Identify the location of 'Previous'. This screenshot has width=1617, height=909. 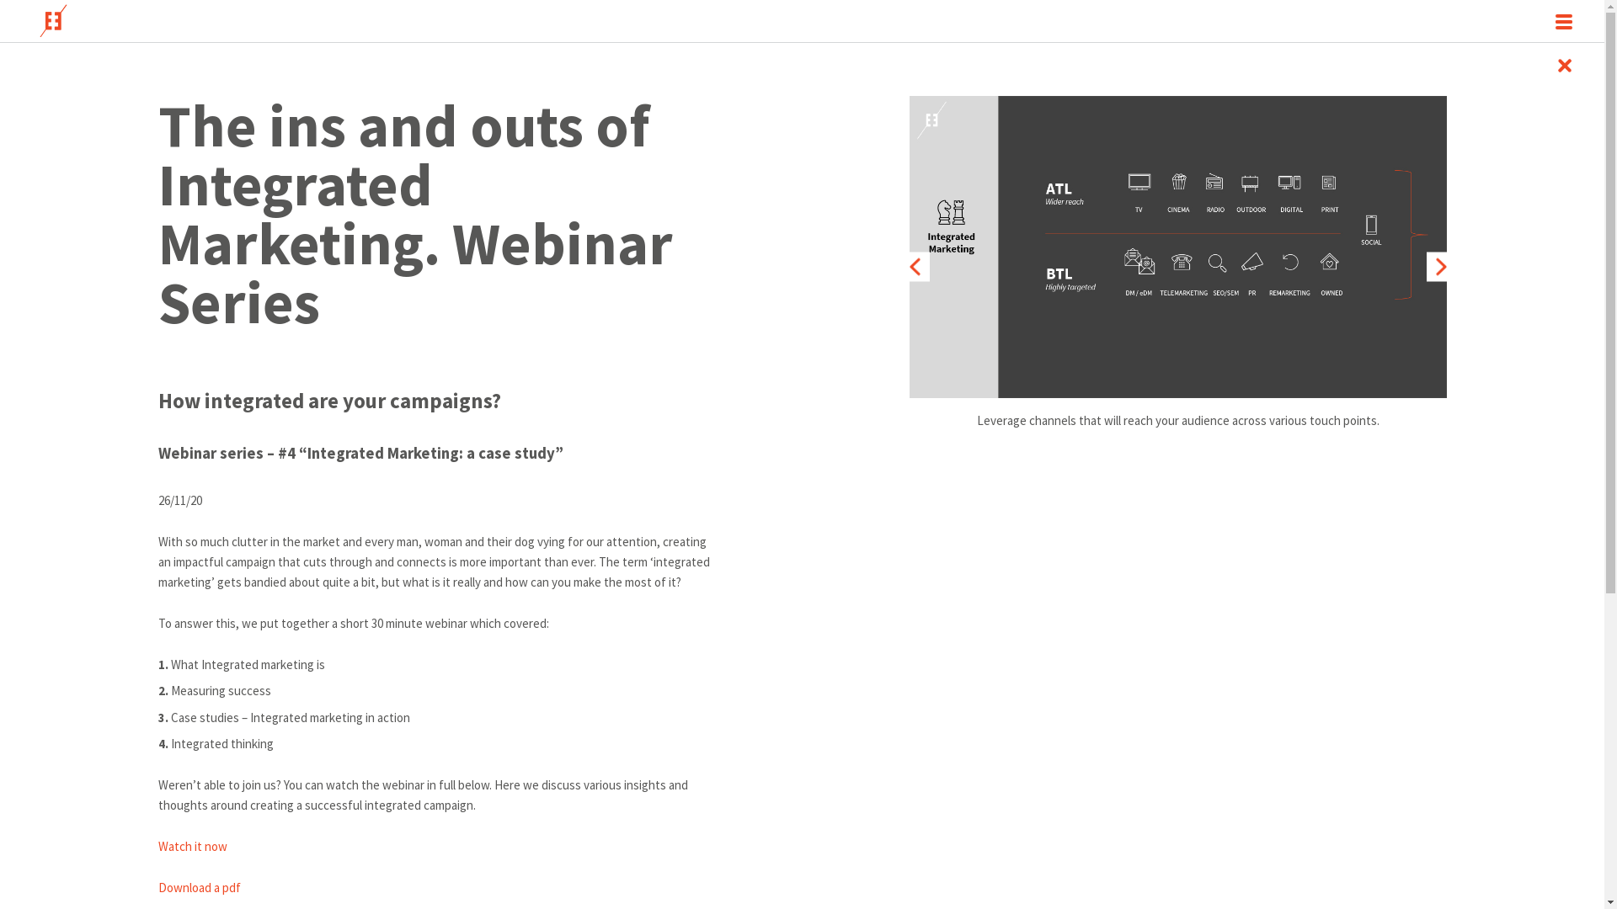
(914, 265).